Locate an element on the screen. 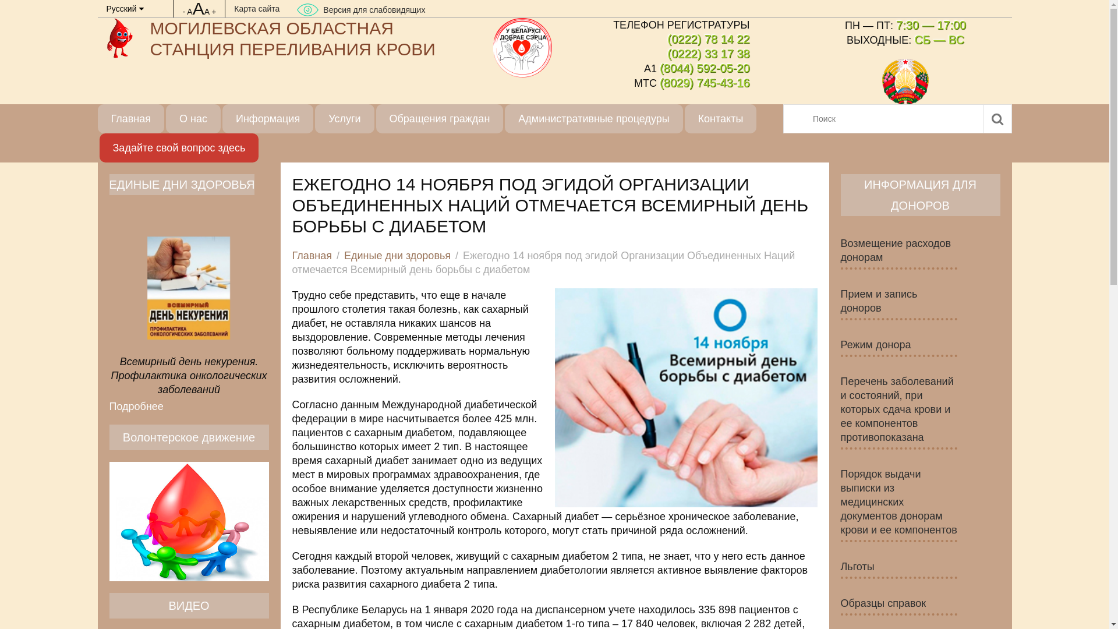 The width and height of the screenshot is (1118, 629). 'AAA' is located at coordinates (187, 11).